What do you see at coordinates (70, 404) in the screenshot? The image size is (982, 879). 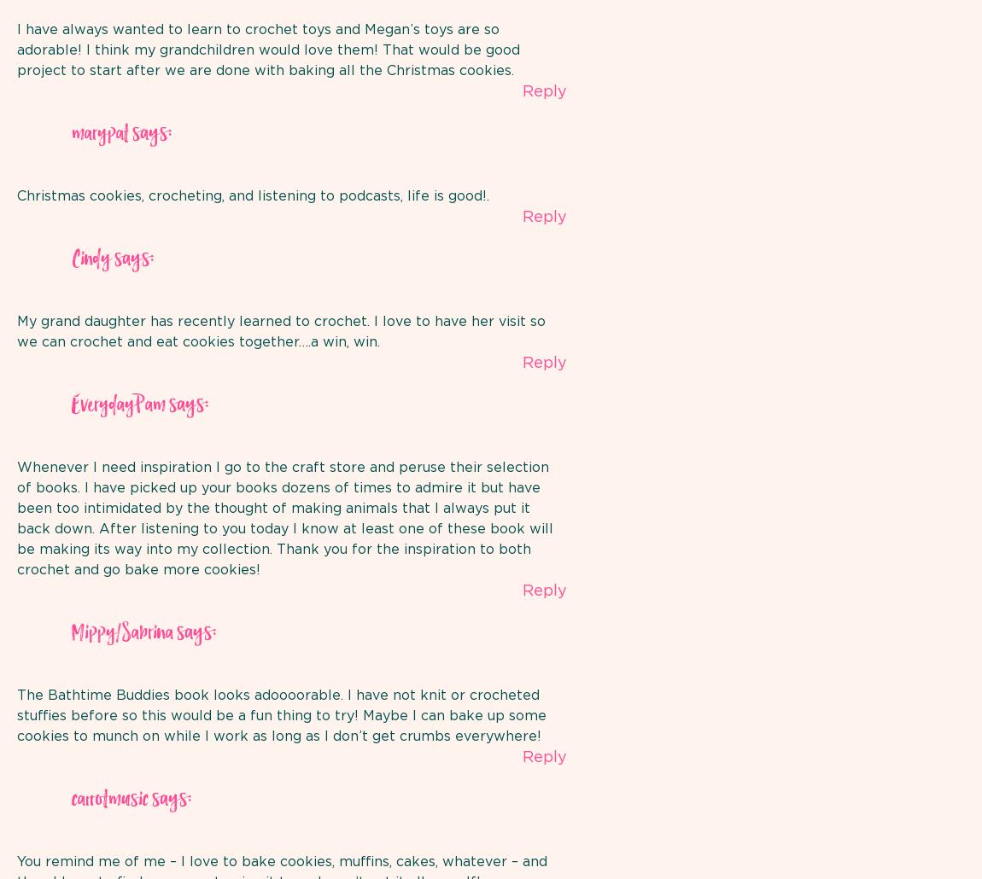 I see `'EverydayPam'` at bounding box center [70, 404].